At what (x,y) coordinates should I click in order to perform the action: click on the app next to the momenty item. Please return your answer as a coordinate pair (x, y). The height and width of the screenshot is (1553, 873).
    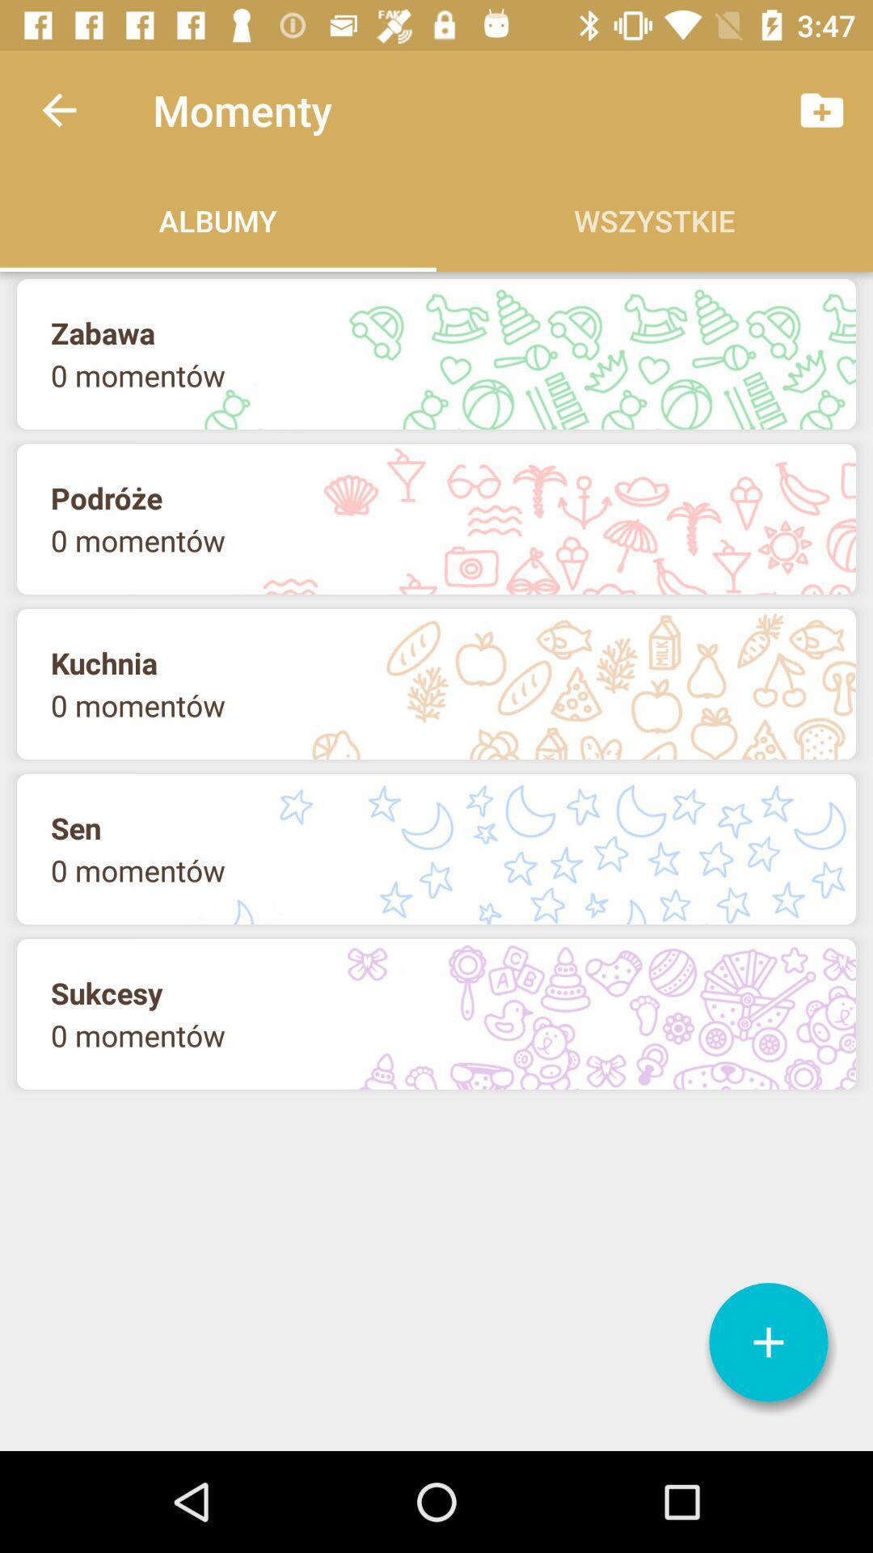
    Looking at the image, I should click on (58, 109).